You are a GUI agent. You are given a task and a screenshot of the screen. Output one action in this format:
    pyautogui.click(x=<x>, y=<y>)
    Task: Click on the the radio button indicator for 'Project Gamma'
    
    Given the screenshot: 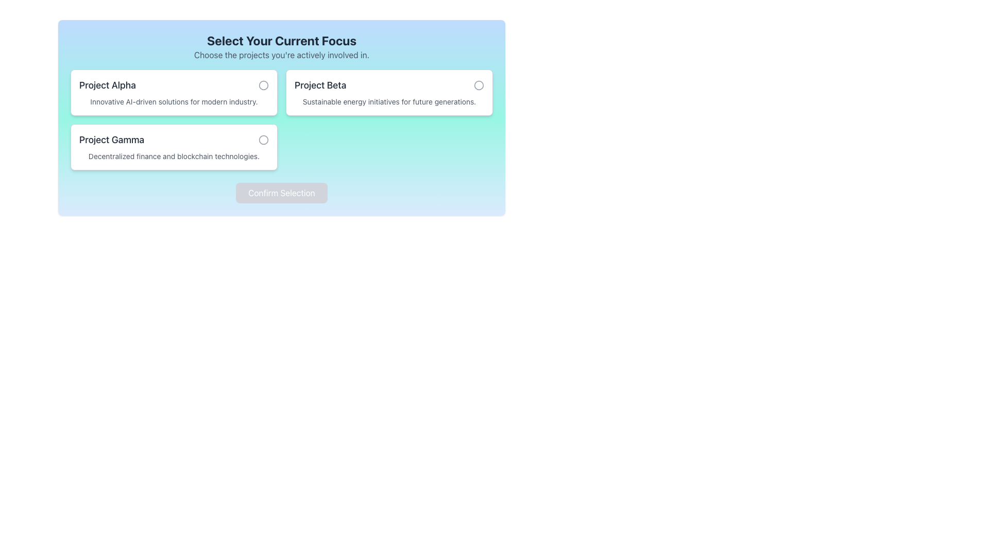 What is the action you would take?
    pyautogui.click(x=264, y=140)
    